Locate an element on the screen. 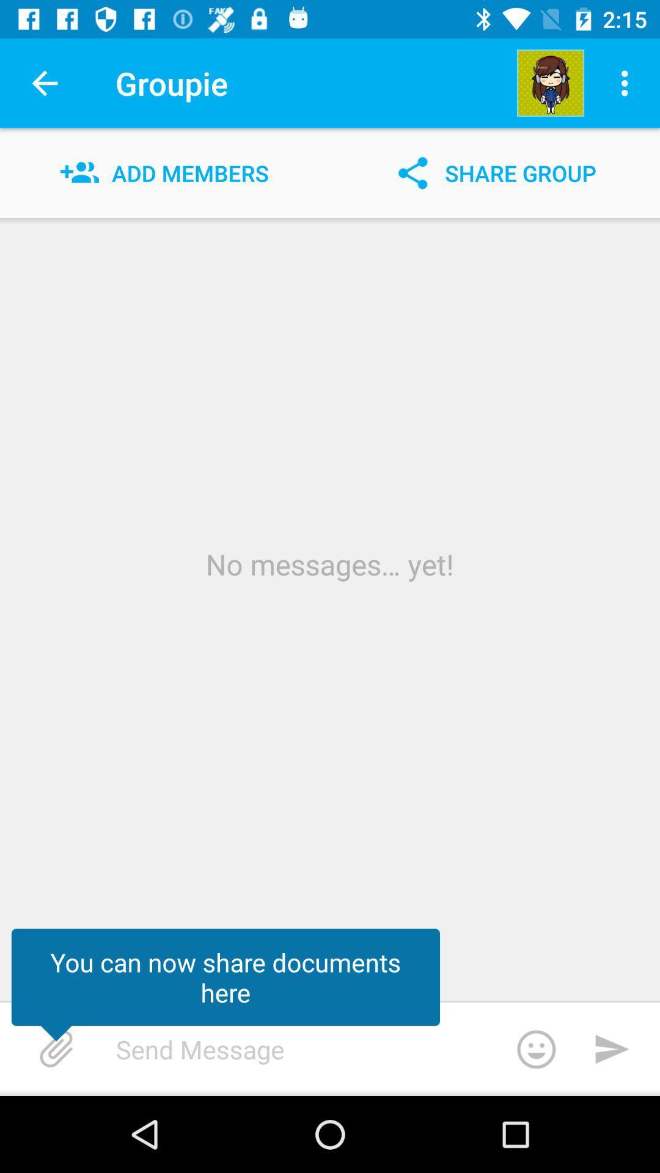 Image resolution: width=660 pixels, height=1173 pixels. the send icon is located at coordinates (613, 1048).